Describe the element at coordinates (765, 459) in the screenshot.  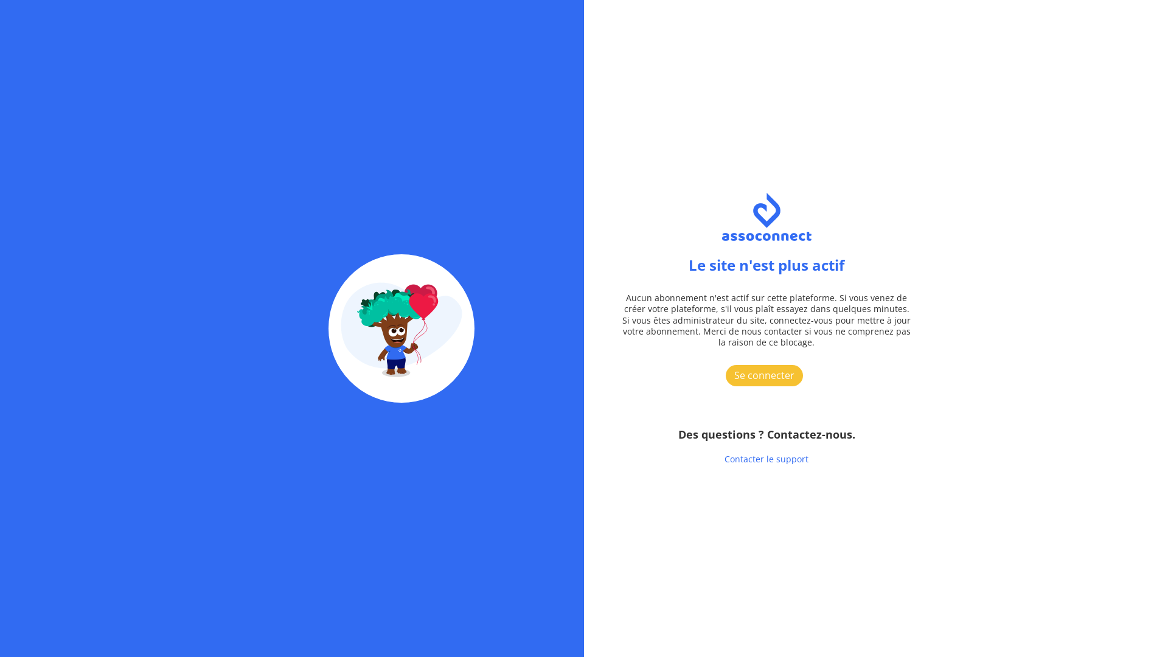
I see `'Contacter le support'` at that location.